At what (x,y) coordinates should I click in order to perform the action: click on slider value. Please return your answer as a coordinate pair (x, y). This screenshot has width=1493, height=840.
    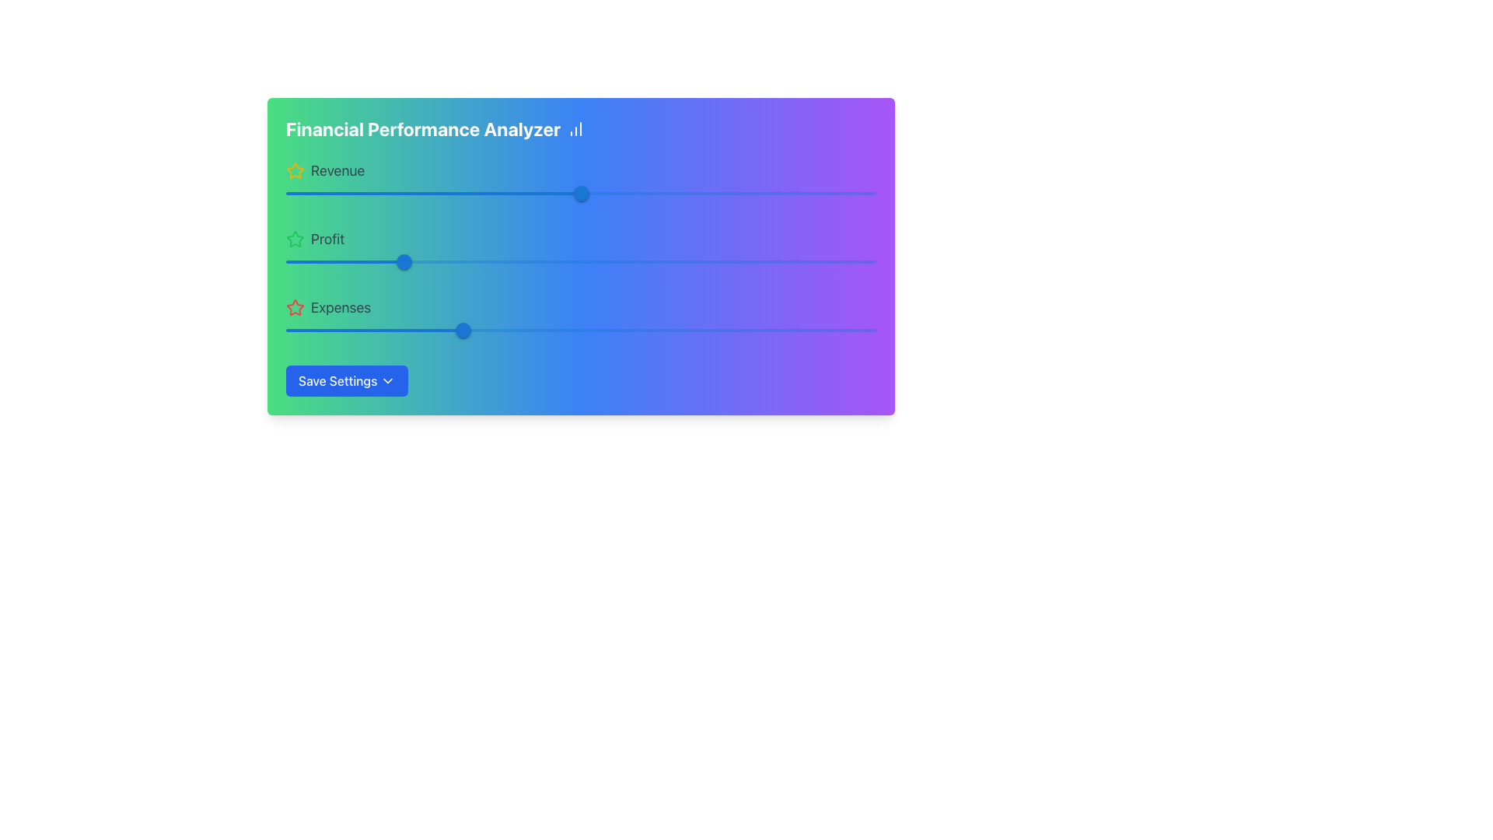
    Looking at the image, I should click on (397, 261).